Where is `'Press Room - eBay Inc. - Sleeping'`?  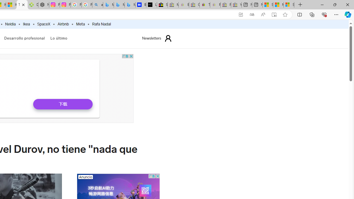
'Press Room - eBay Inc. - Sleeping' is located at coordinates (226, 5).